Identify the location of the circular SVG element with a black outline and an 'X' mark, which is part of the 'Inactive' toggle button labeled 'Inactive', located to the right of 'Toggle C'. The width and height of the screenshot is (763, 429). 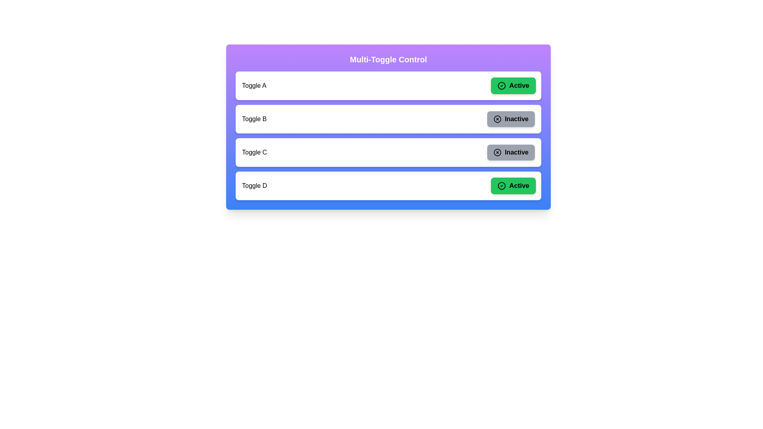
(497, 153).